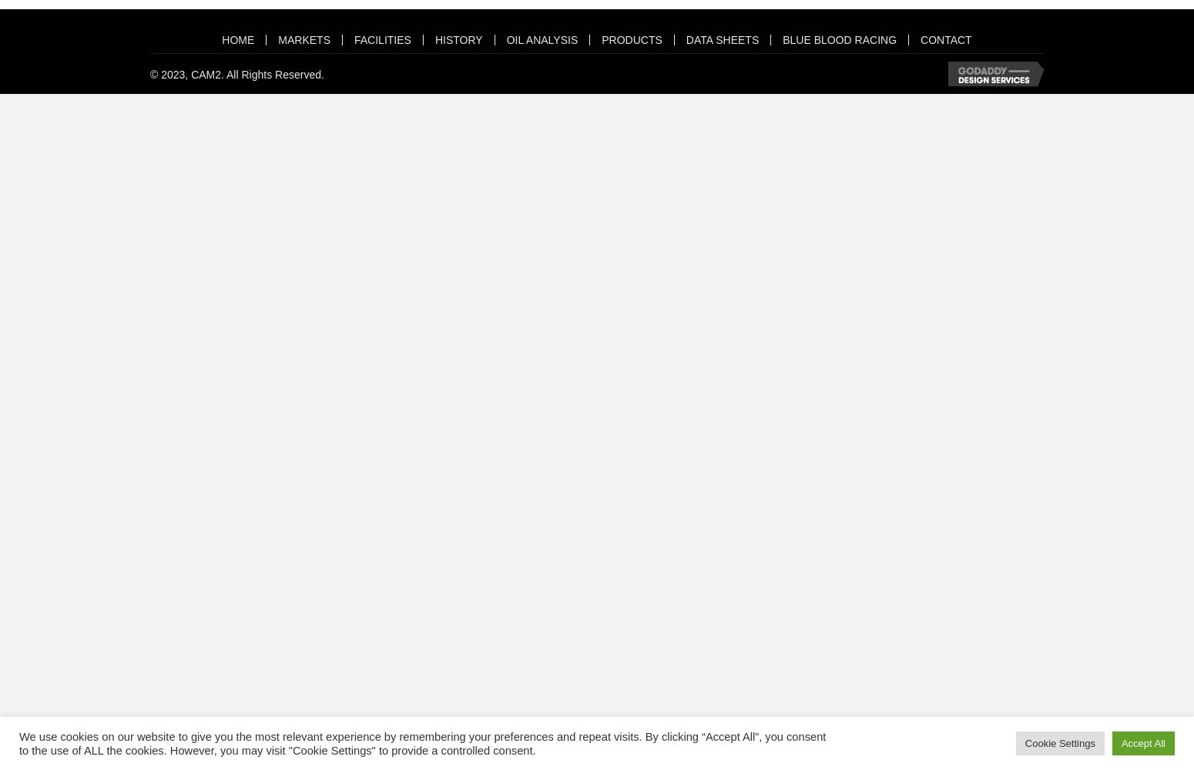 This screenshot has height=770, width=1194. What do you see at coordinates (921, 39) in the screenshot?
I see `'CONTACT'` at bounding box center [921, 39].